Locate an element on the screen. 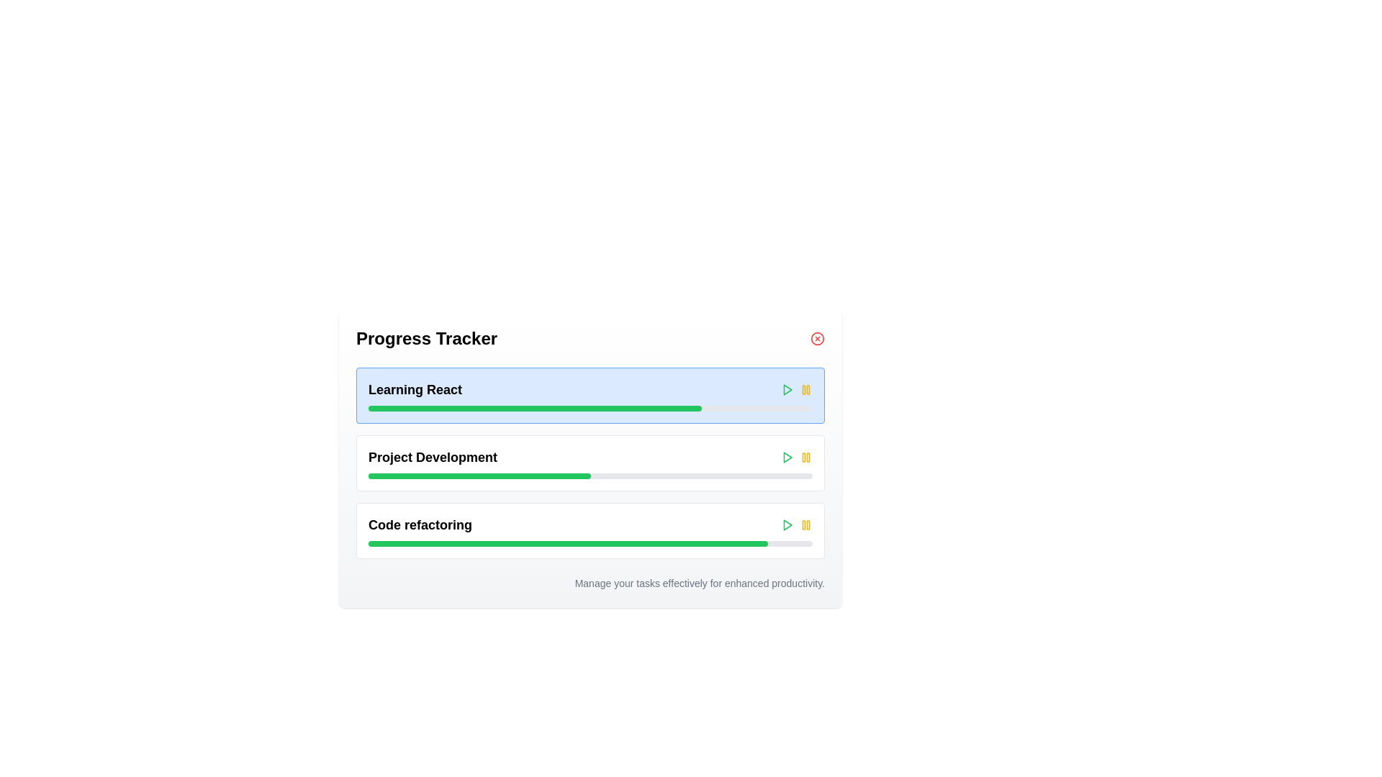 This screenshot has height=777, width=1382. the green play button located in the Button group of the 'Project Development' section of the 'Progress Tracker' is located at coordinates (796, 458).